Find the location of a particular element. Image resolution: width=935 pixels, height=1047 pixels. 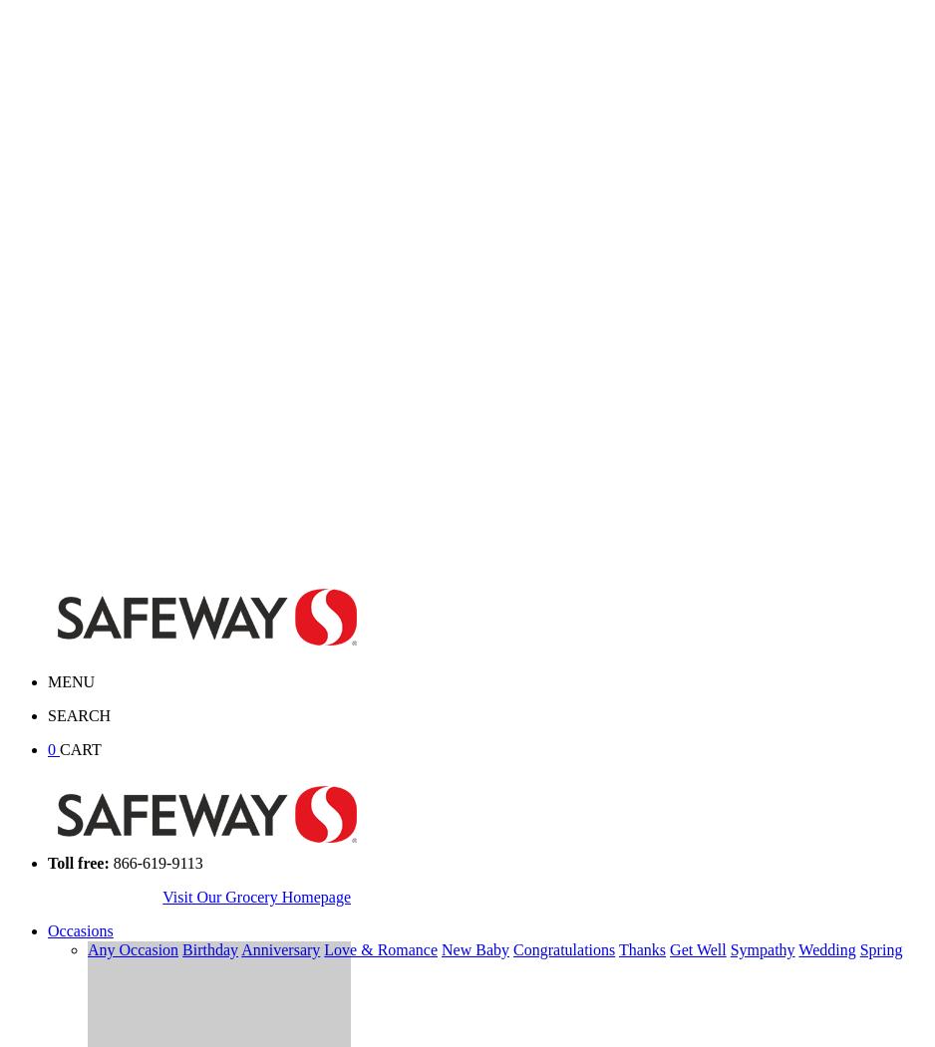

'Sympathy' is located at coordinates (762, 948).